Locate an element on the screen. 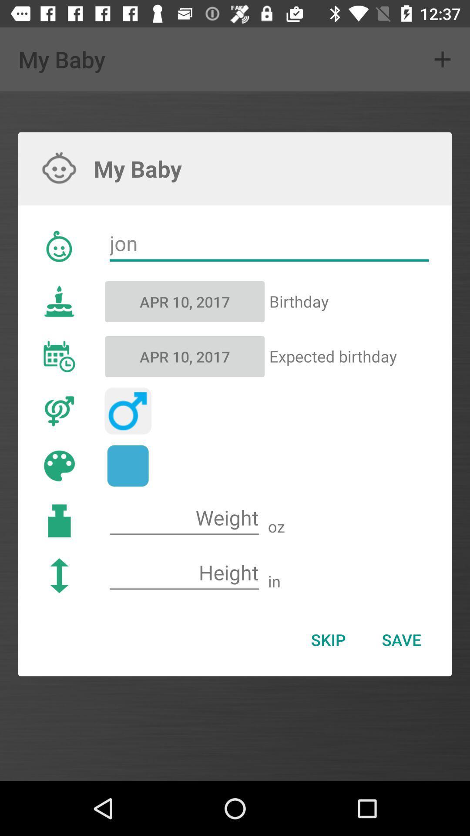  icon to the left of save item is located at coordinates (328, 640).